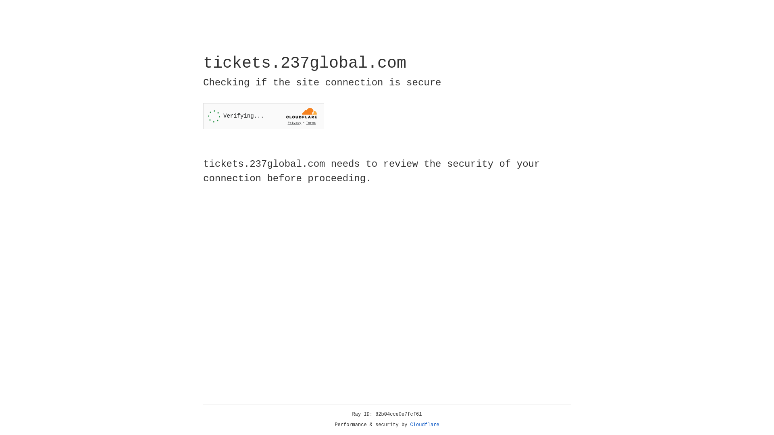 The width and height of the screenshot is (774, 435). I want to click on 'Widget containing a Cloudflare security challenge', so click(263, 116).